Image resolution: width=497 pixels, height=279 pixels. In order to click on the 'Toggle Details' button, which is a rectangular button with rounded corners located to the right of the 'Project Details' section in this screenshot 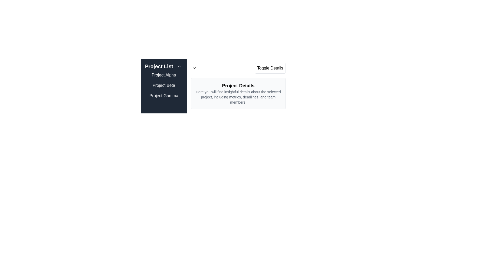, I will do `click(270, 68)`.